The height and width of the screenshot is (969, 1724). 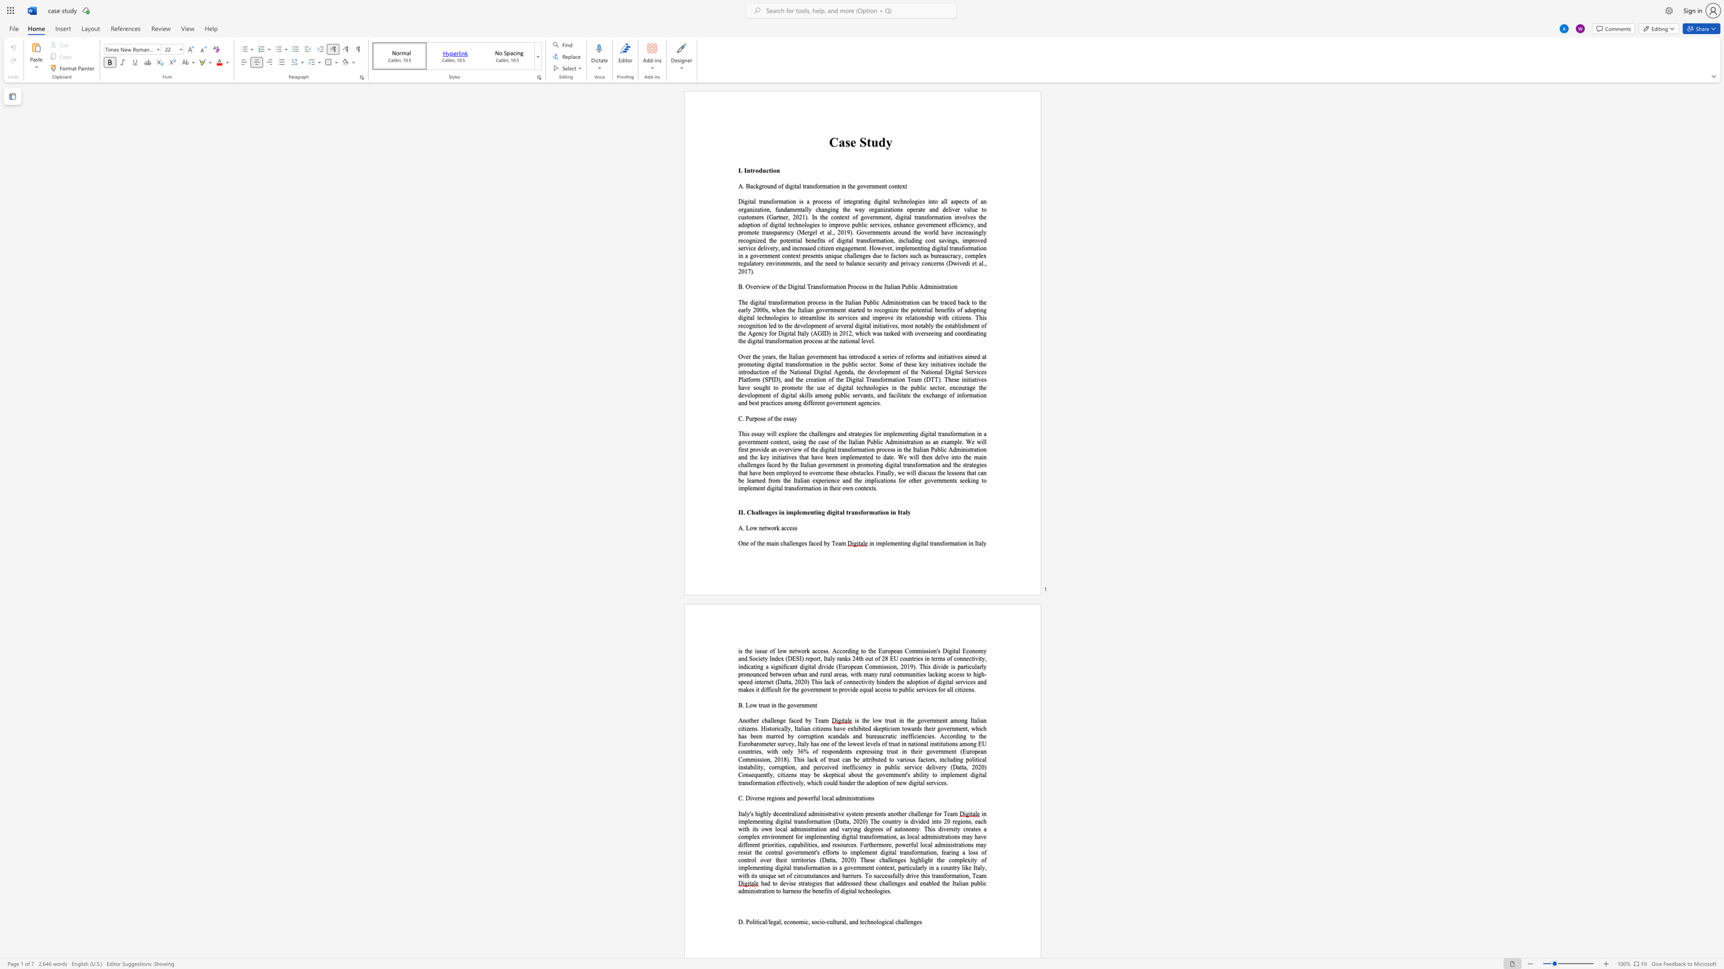 I want to click on the subset text "s factor" within the text "various factors", so click(x=912, y=758).